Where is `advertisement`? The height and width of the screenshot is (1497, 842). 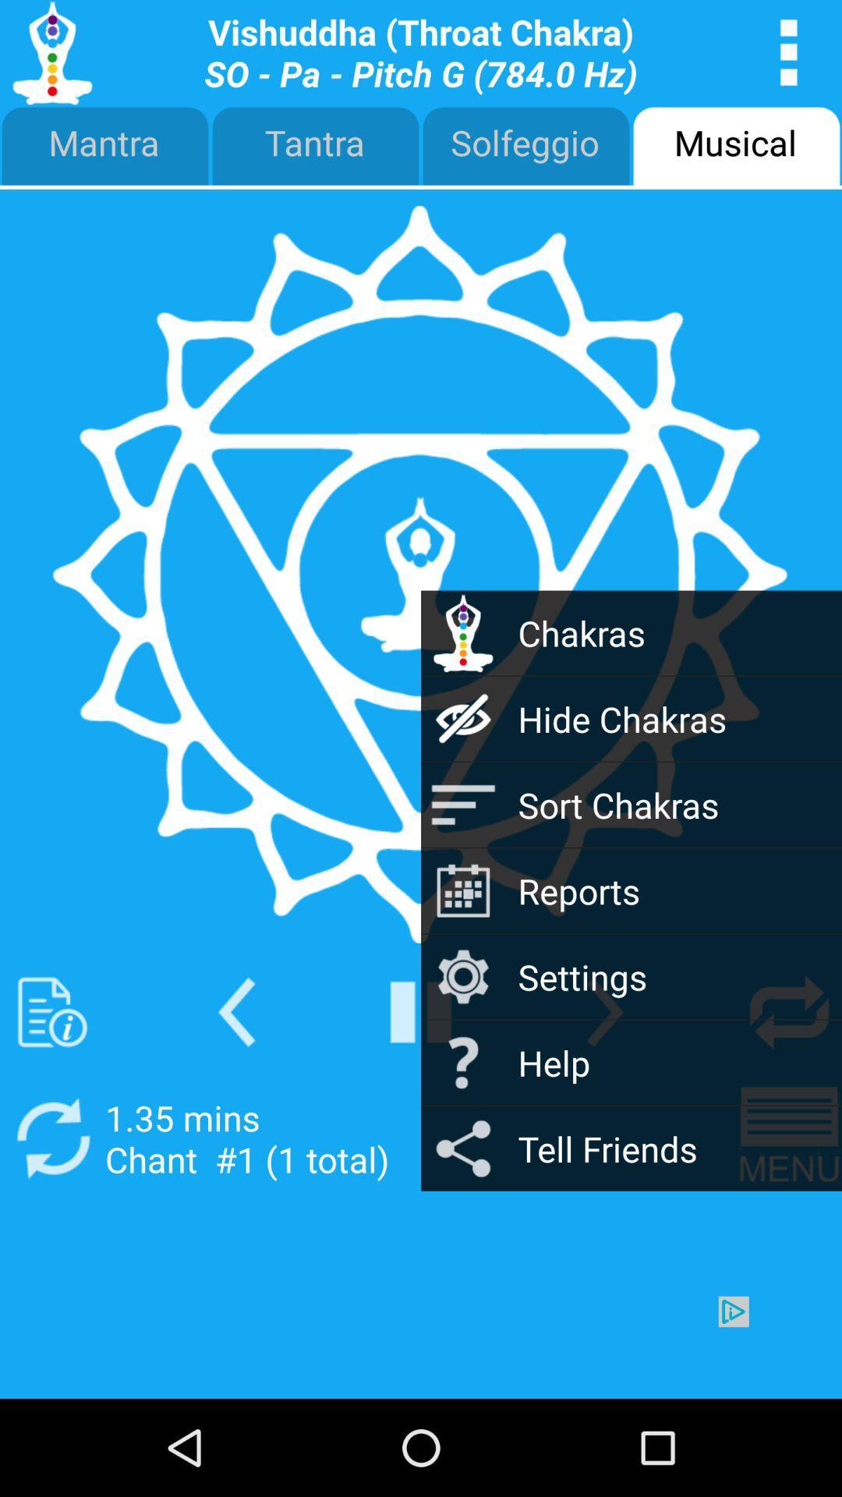
advertisement is located at coordinates (421, 1347).